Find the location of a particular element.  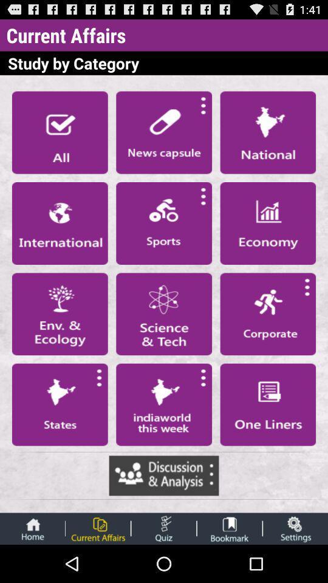

first option under study by category is located at coordinates (59, 132).